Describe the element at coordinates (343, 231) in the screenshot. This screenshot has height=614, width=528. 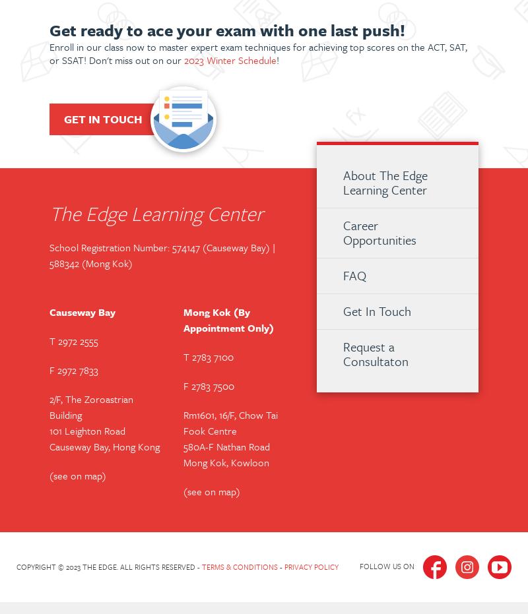
I see `'Career Opportunities'` at that location.